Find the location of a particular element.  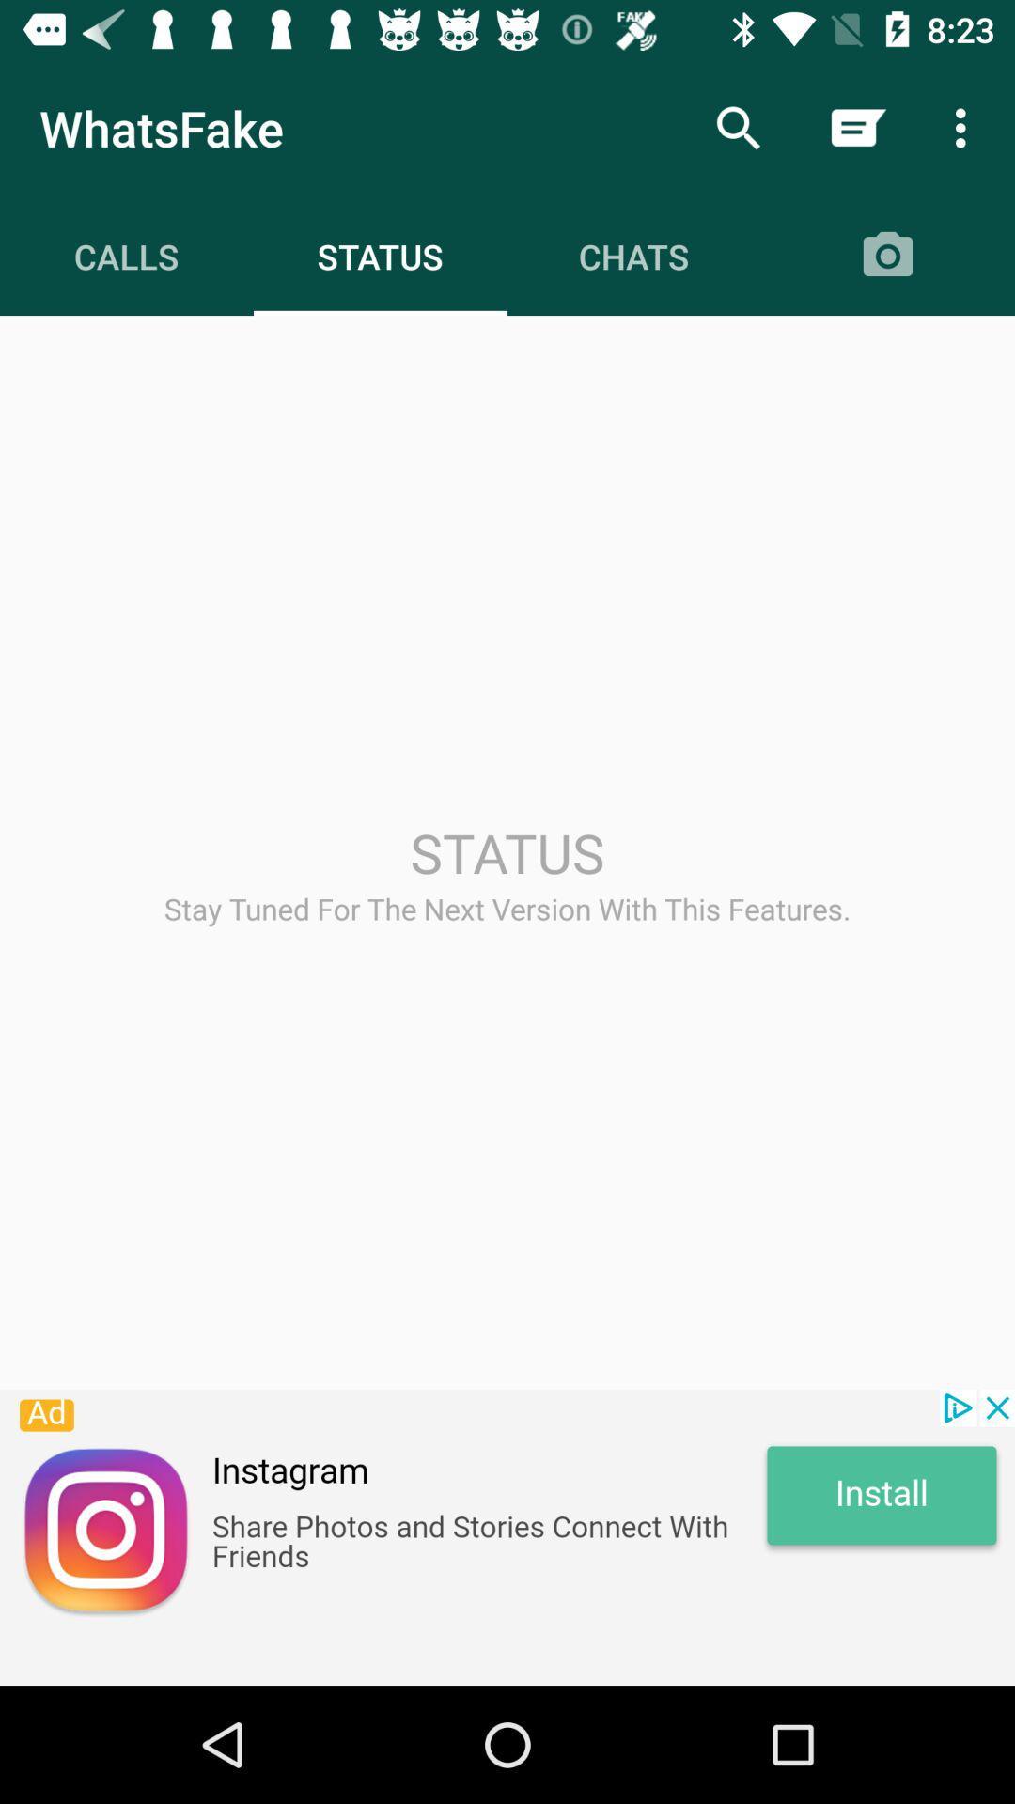

this advertisement is located at coordinates (507, 1537).